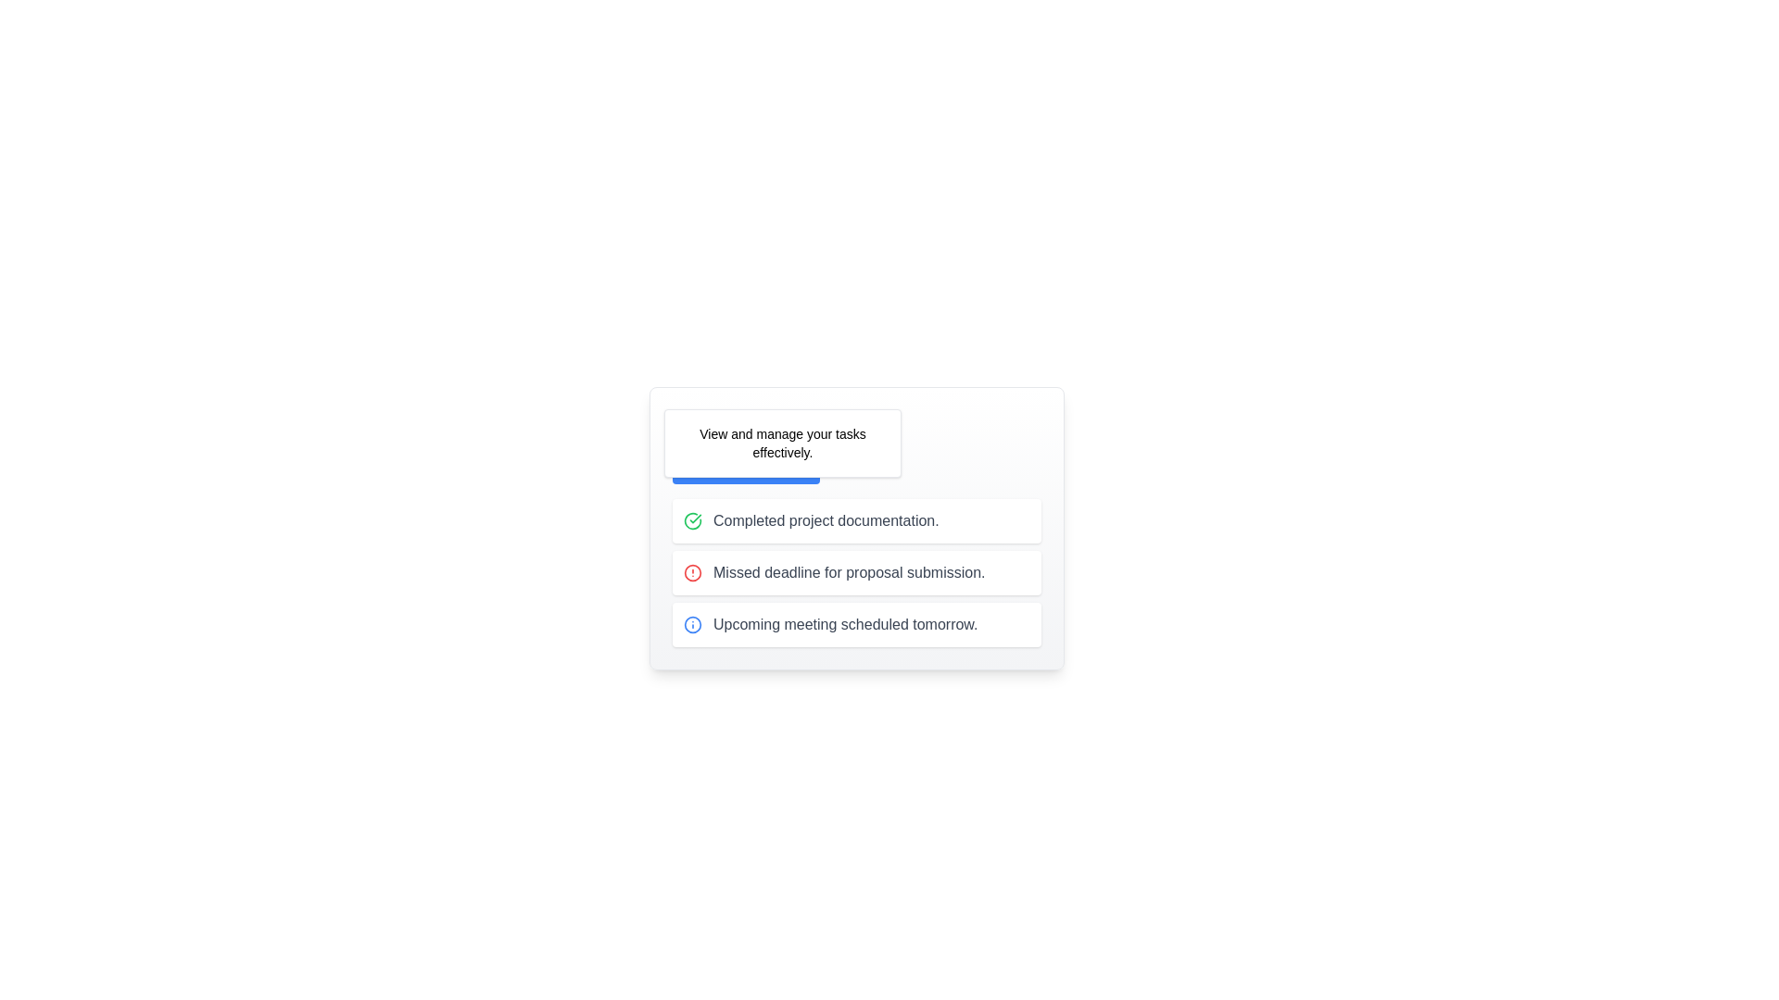 This screenshot has width=1779, height=1000. Describe the element at coordinates (692, 521) in the screenshot. I see `the success indicator icon located to the left of the text 'Completed project documentation' in the task list` at that location.